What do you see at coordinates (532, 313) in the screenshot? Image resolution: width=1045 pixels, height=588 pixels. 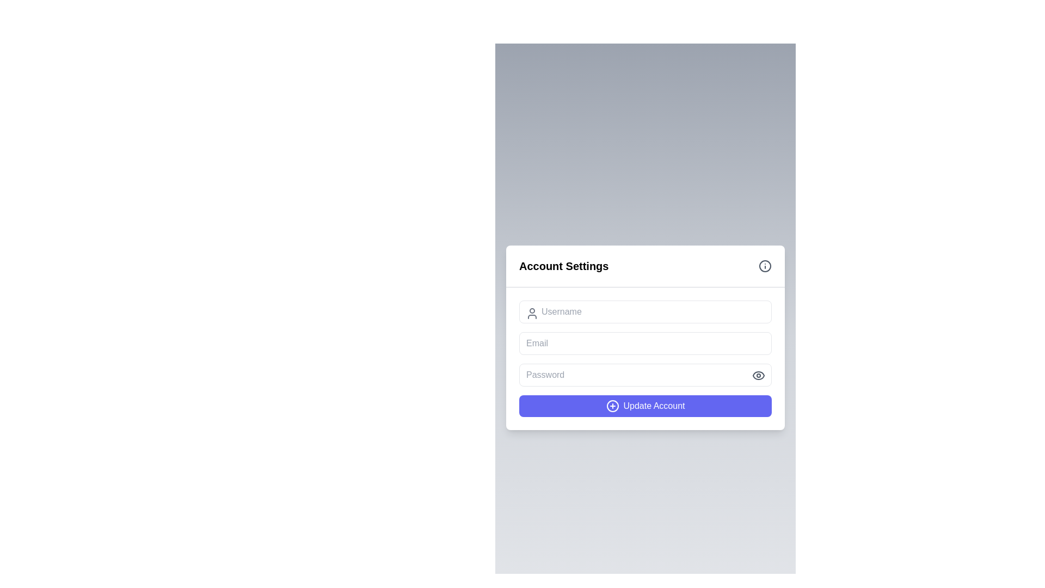 I see `the user silhouette icon located inside the username input field, positioned towards the left side of the field` at bounding box center [532, 313].